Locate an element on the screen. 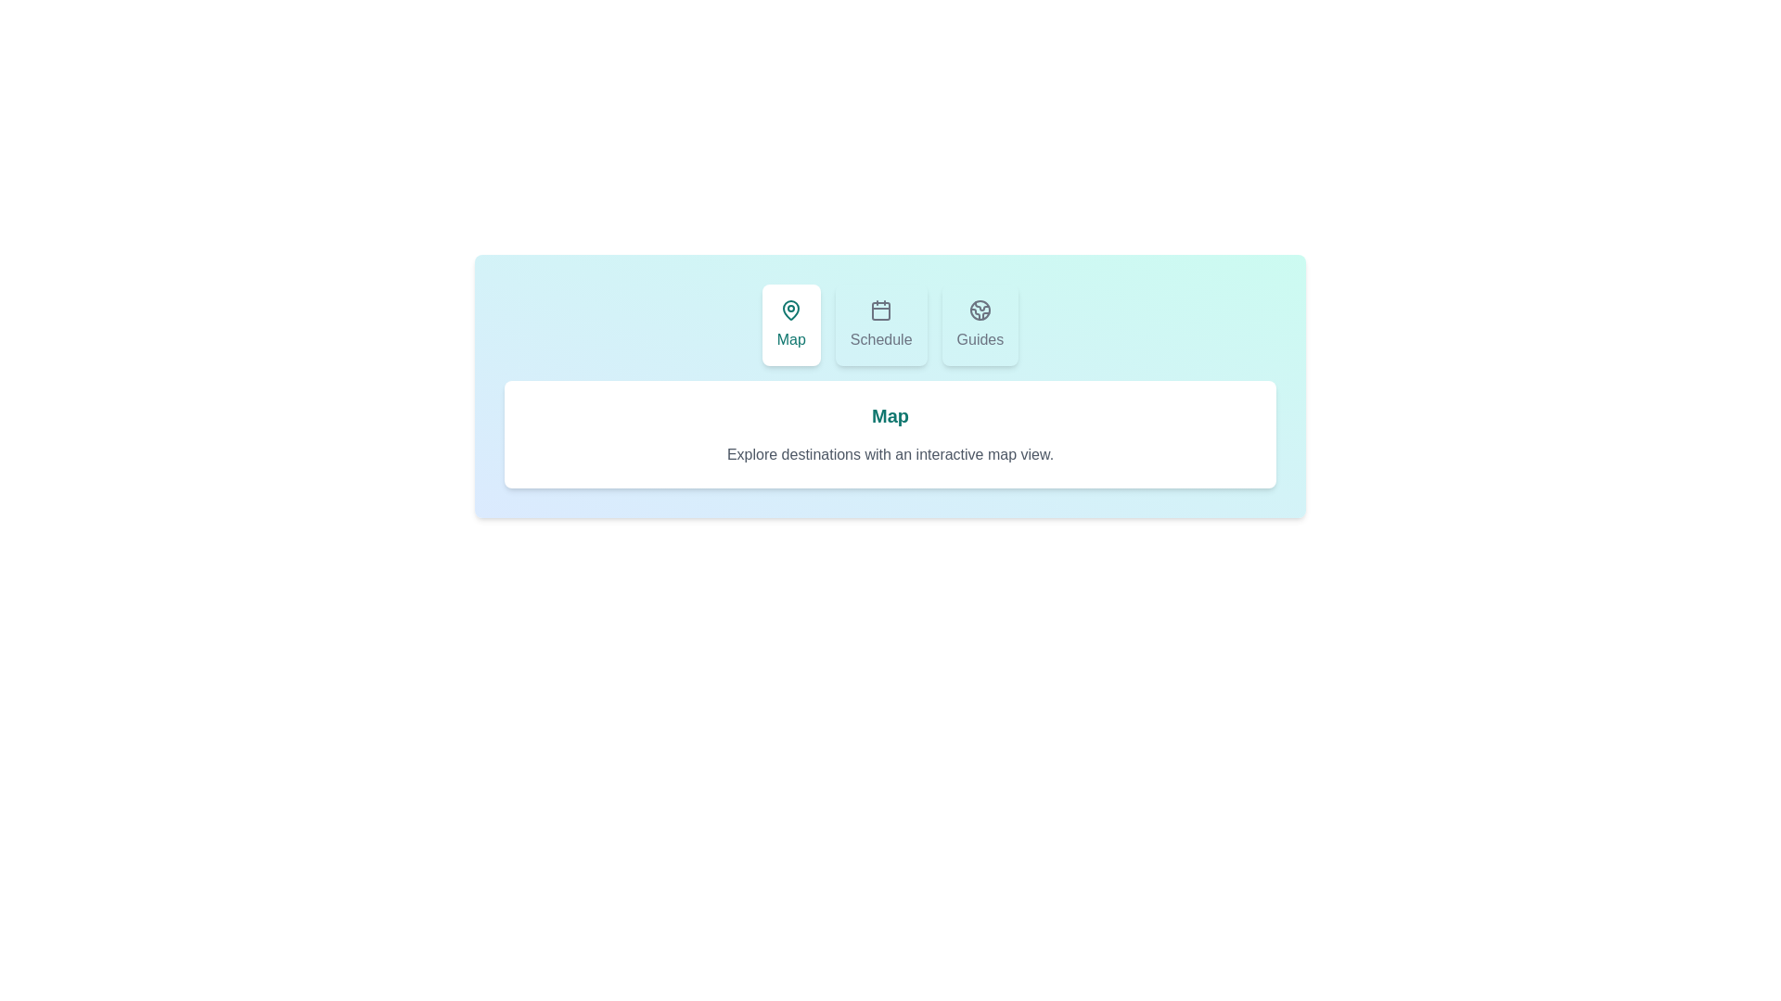 Image resolution: width=1781 pixels, height=1001 pixels. the Guides tab by clicking on its button is located at coordinates (979, 324).